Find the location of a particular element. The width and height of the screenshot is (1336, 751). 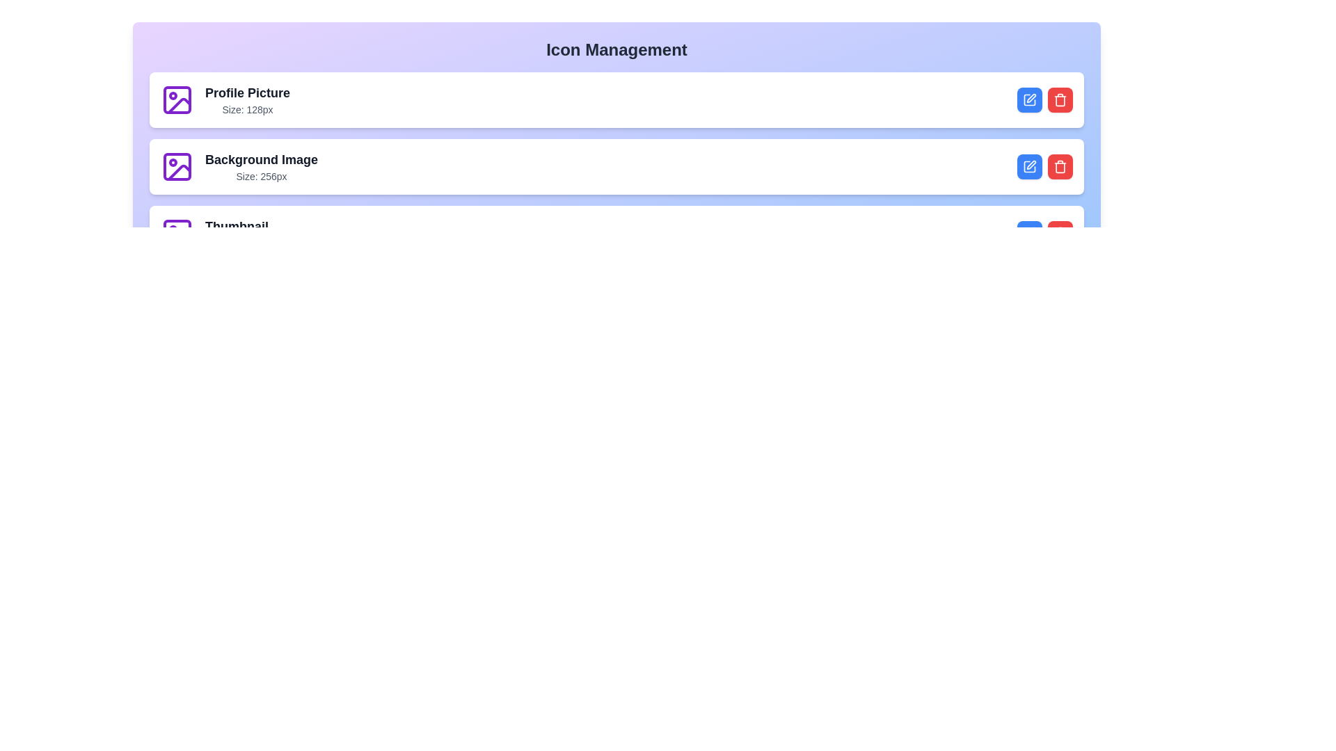

the square-shaped icon with a purple outline and graphical representation located in the 'Icon Management' section, next to 'Profile Picture' and 'Size: 128px' is located at coordinates (176, 99).